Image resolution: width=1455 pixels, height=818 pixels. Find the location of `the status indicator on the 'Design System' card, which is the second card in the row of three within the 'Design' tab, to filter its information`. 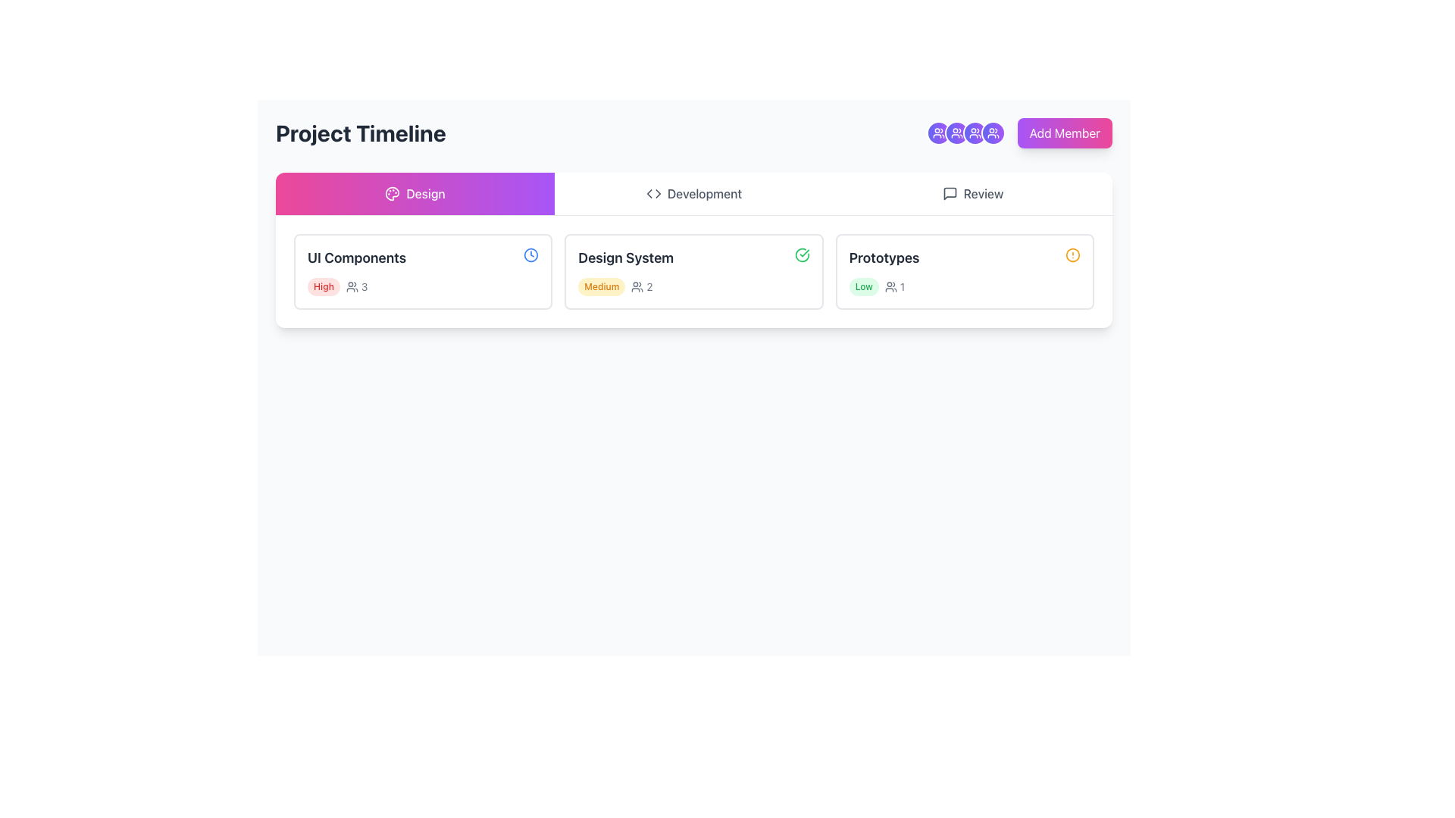

the status indicator on the 'Design System' card, which is the second card in the row of three within the 'Design' tab, to filter its information is located at coordinates (693, 270).